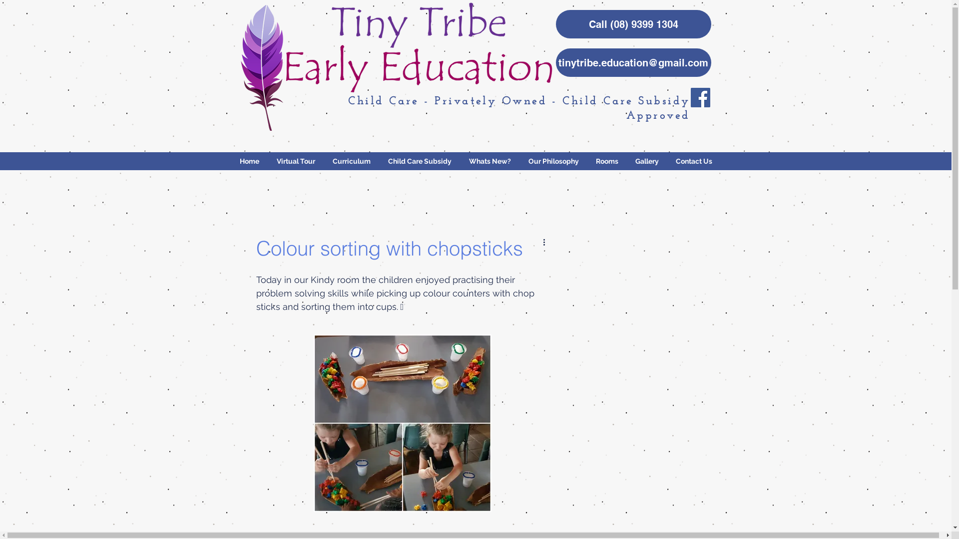 The height and width of the screenshot is (539, 959). I want to click on 'Rooms', so click(606, 161).